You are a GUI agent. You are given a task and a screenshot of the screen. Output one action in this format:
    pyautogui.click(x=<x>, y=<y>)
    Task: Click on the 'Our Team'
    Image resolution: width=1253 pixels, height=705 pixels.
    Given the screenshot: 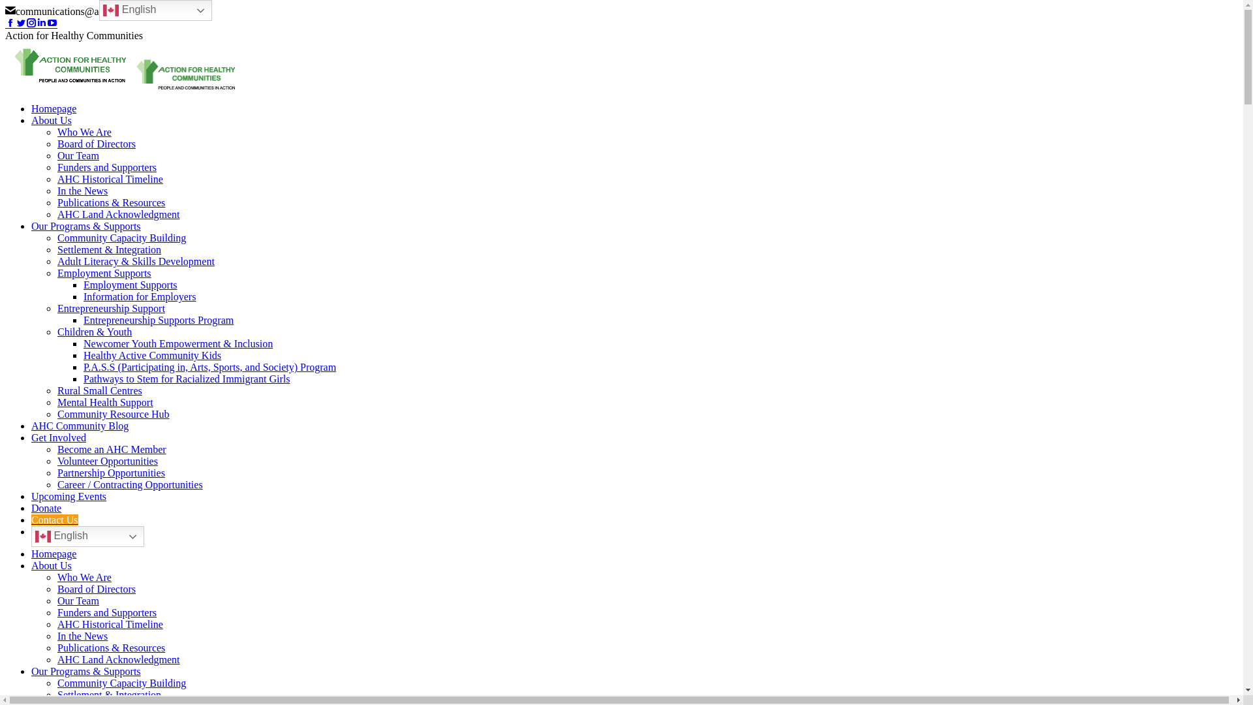 What is the action you would take?
    pyautogui.click(x=78, y=155)
    